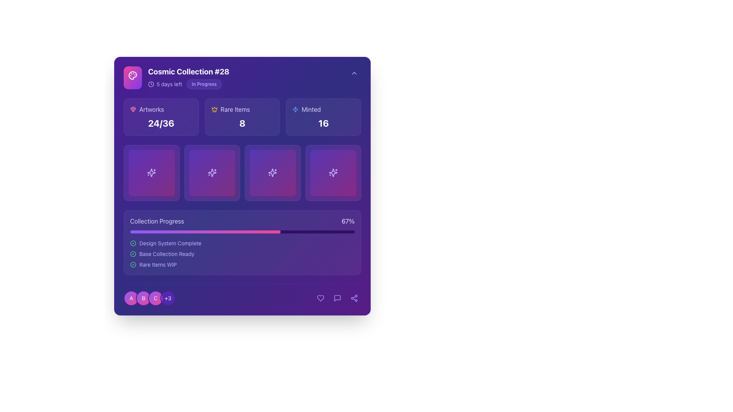  What do you see at coordinates (133, 254) in the screenshot?
I see `the small circular green checkmark icon that indicates success, located next to the text 'Base Collection Ready' in the progress list` at bounding box center [133, 254].